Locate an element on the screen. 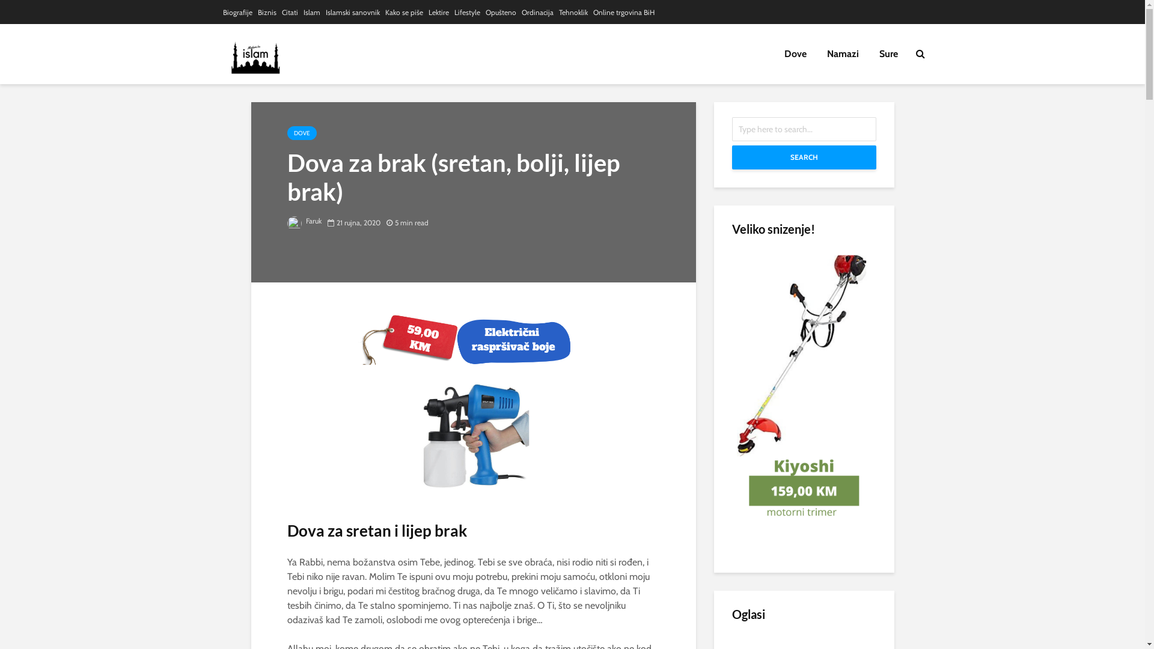 Image resolution: width=1154 pixels, height=649 pixels. 'DOVE' is located at coordinates (302, 133).